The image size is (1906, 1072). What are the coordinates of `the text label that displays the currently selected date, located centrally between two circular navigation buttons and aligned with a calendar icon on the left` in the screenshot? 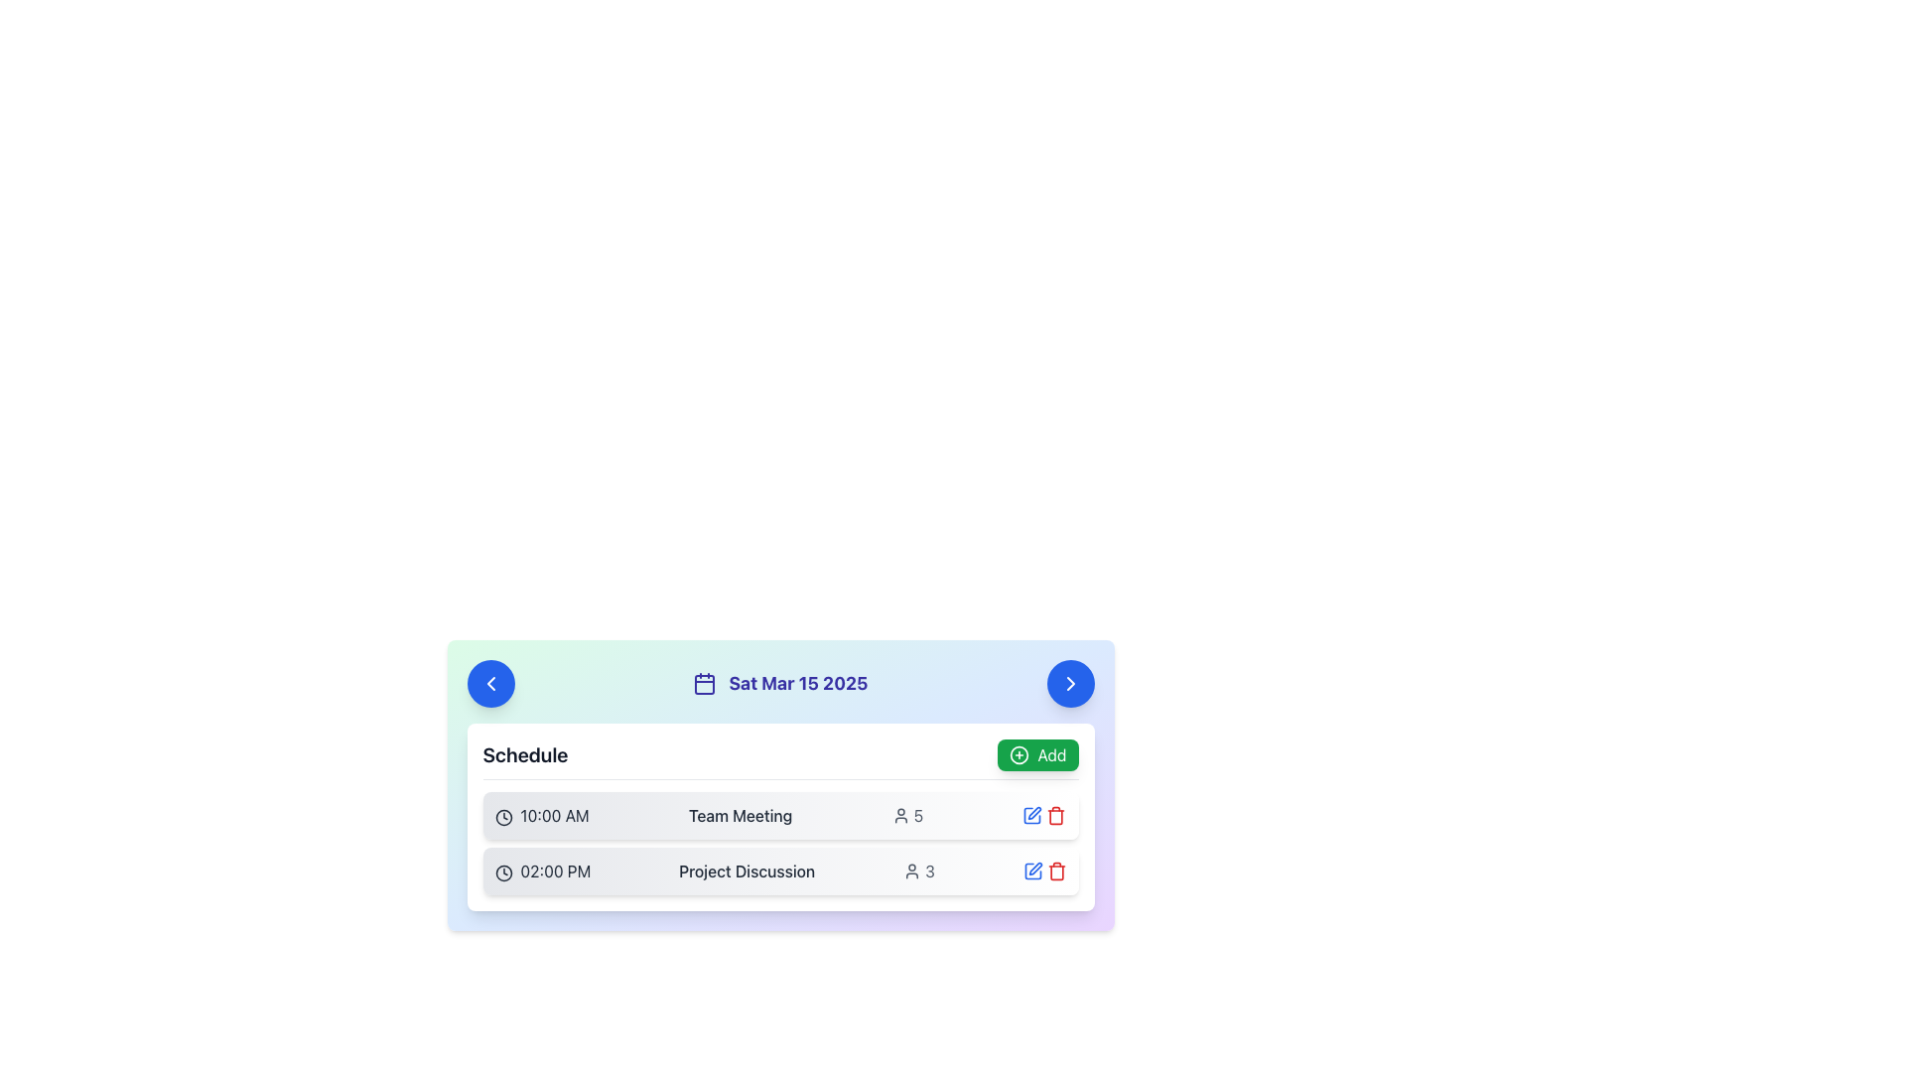 It's located at (779, 683).